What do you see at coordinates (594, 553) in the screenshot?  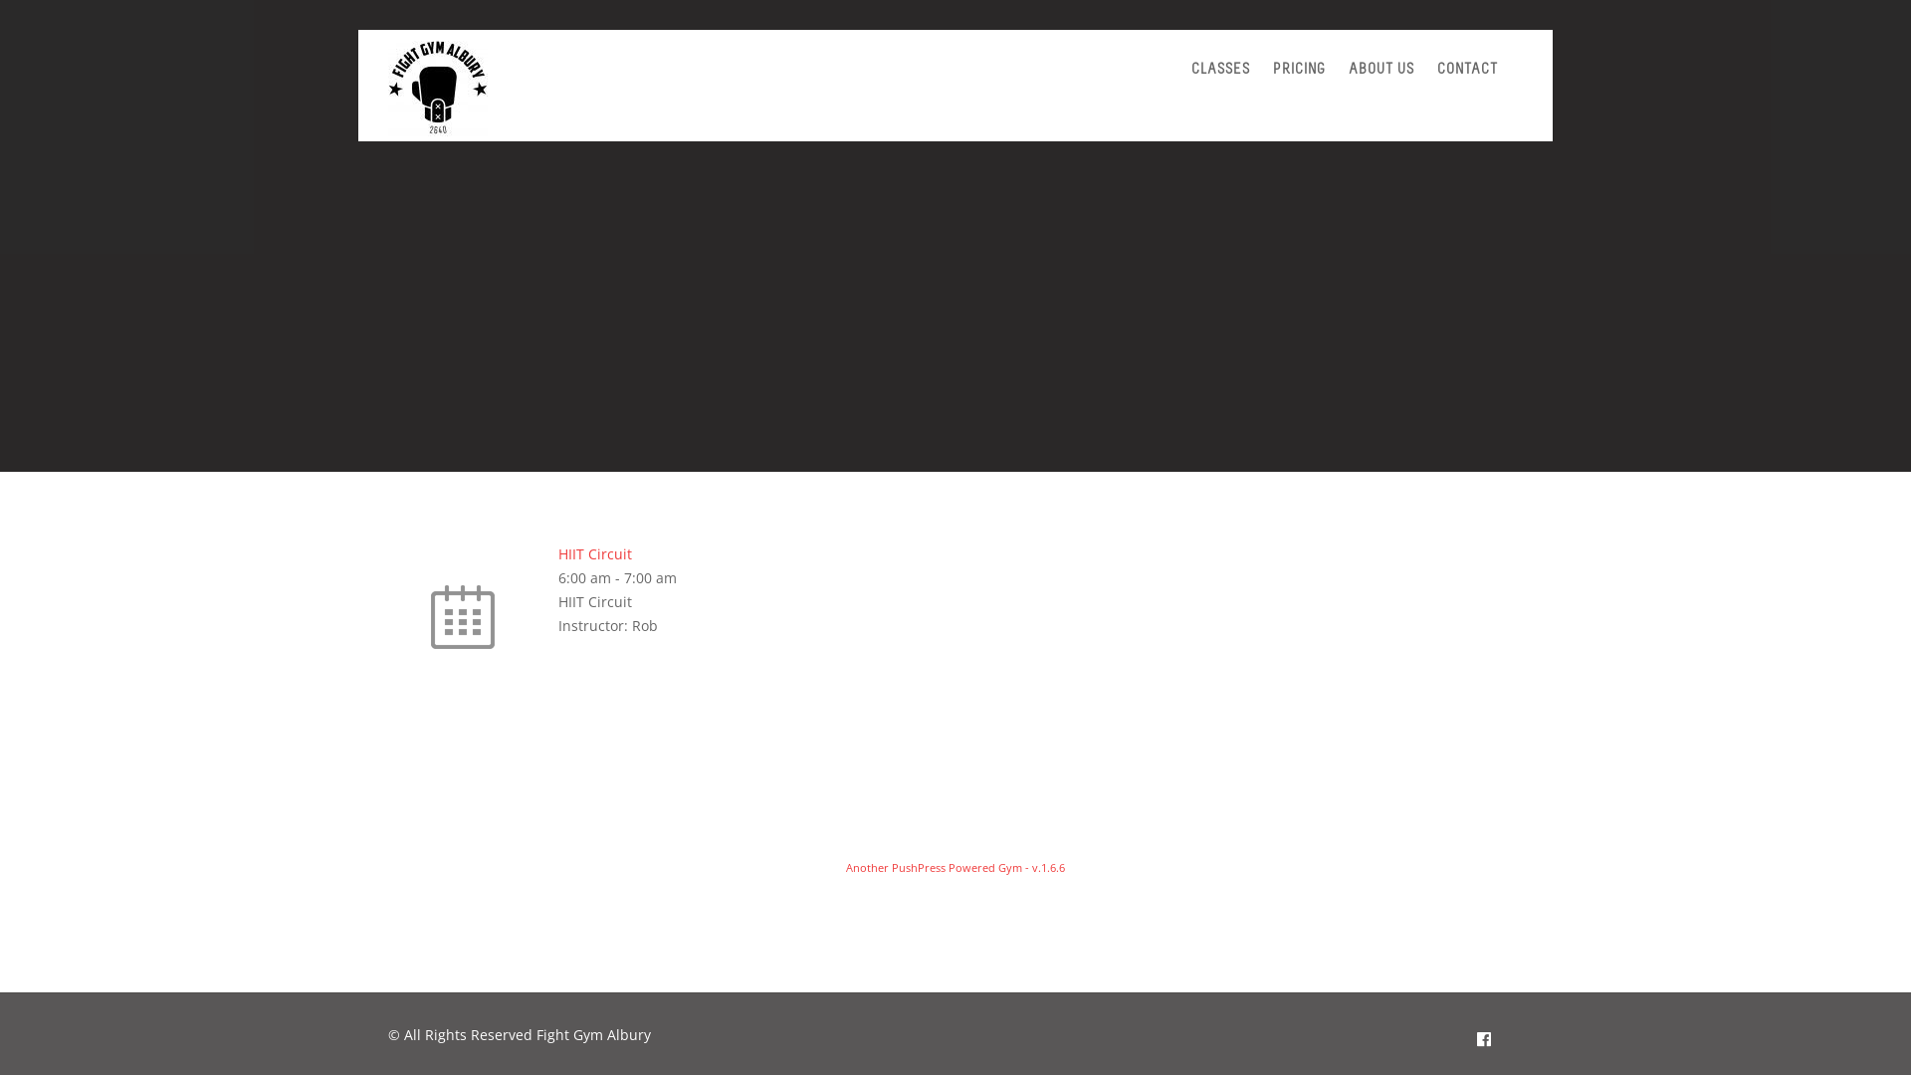 I see `'HIIT Circuit'` at bounding box center [594, 553].